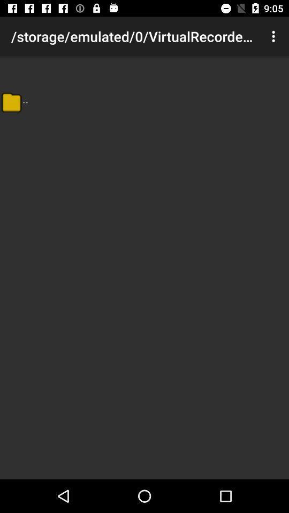  I want to click on .., so click(25, 98).